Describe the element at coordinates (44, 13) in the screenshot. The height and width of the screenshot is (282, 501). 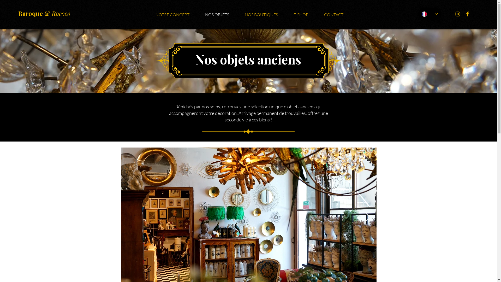
I see `'Baroque & Rococo'` at that location.